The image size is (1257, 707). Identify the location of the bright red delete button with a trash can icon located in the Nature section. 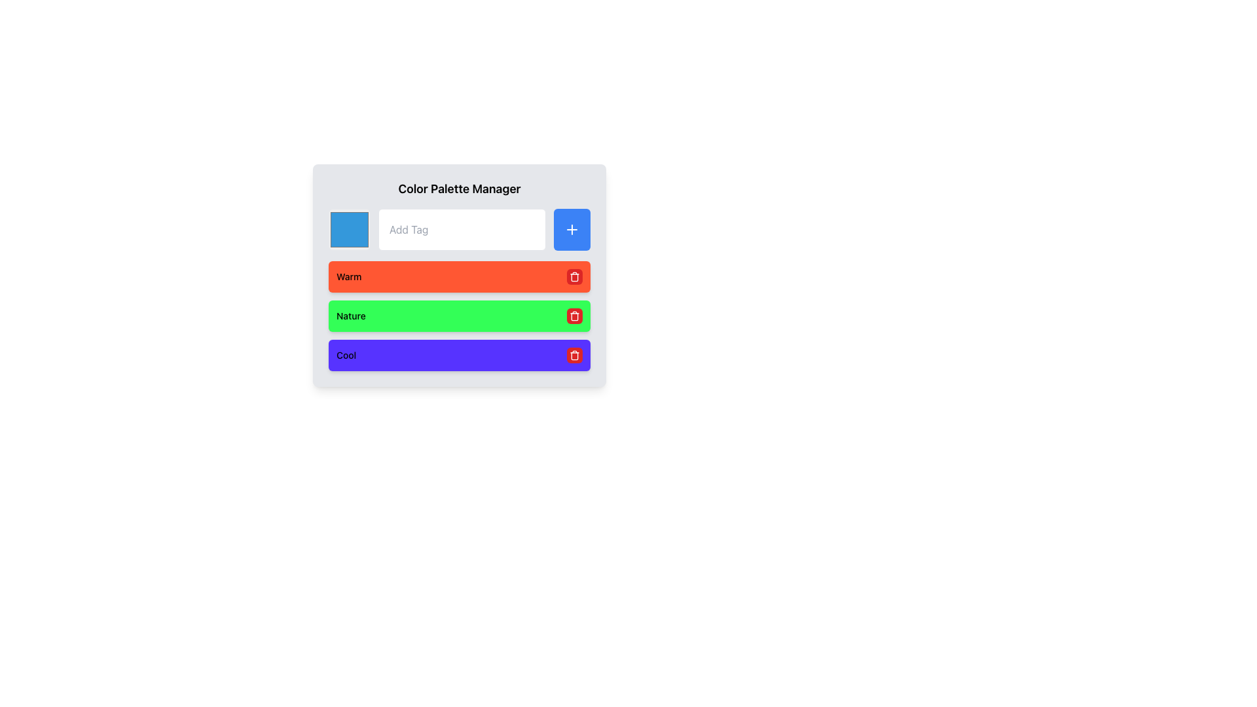
(575, 316).